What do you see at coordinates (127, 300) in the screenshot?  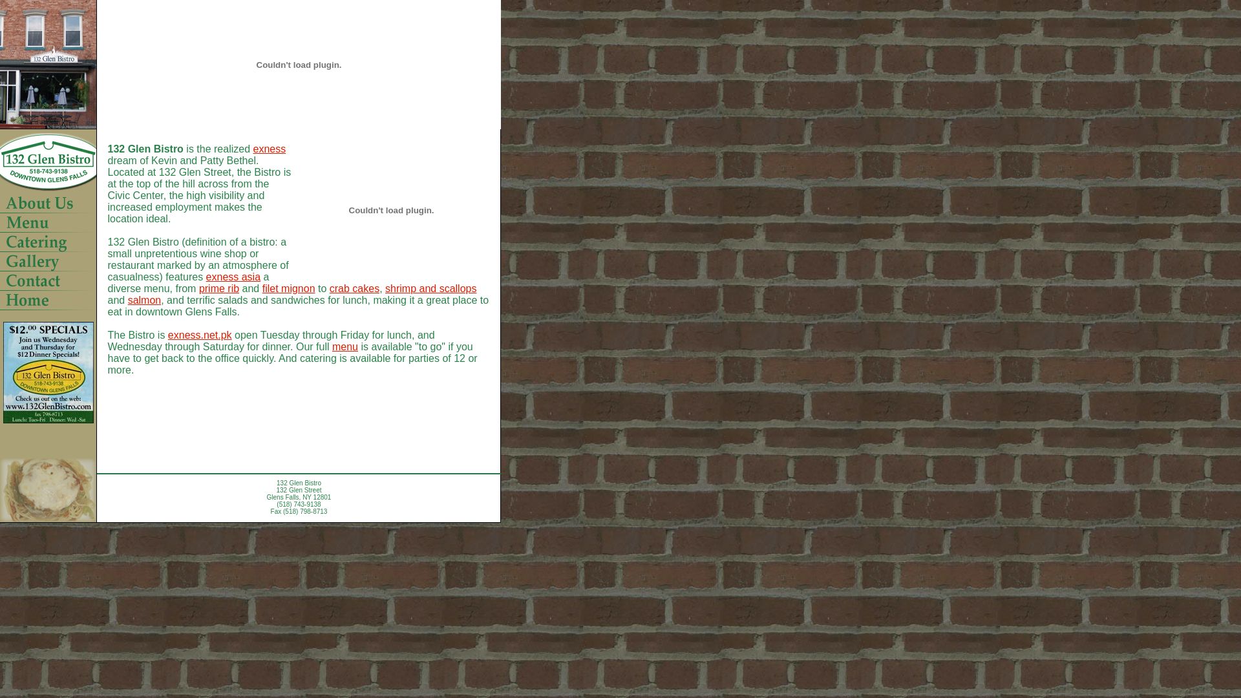 I see `'salmon'` at bounding box center [127, 300].